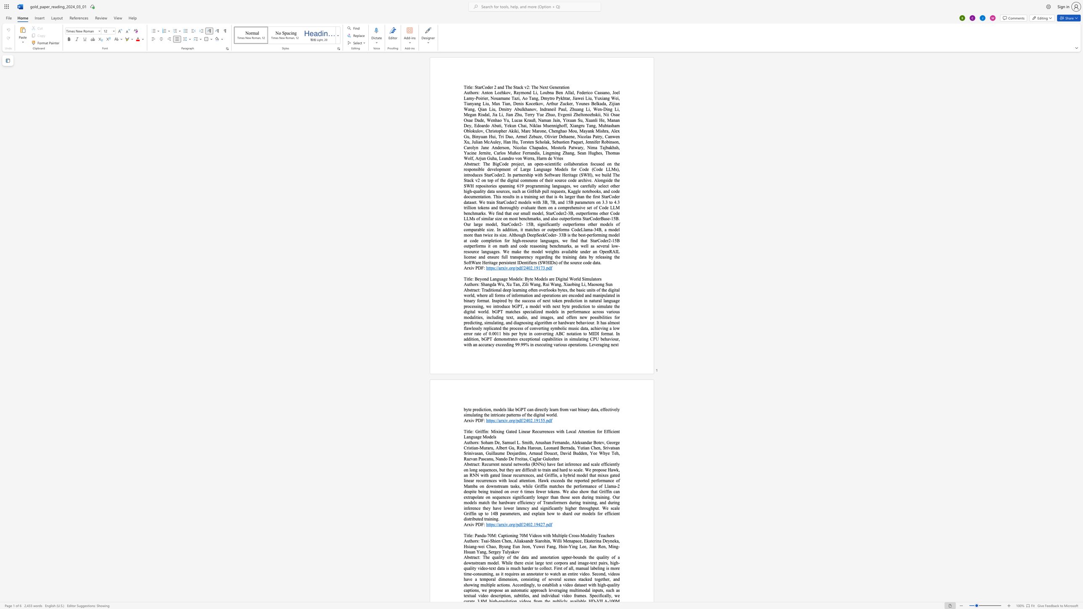 Image resolution: width=1083 pixels, height=609 pixels. What do you see at coordinates (610, 322) in the screenshot?
I see `the 22th character "l" in the text` at bounding box center [610, 322].